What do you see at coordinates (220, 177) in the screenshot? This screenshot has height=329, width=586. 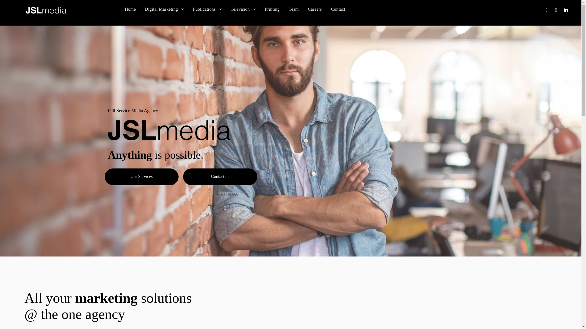 I see `'Contact us'` at bounding box center [220, 177].